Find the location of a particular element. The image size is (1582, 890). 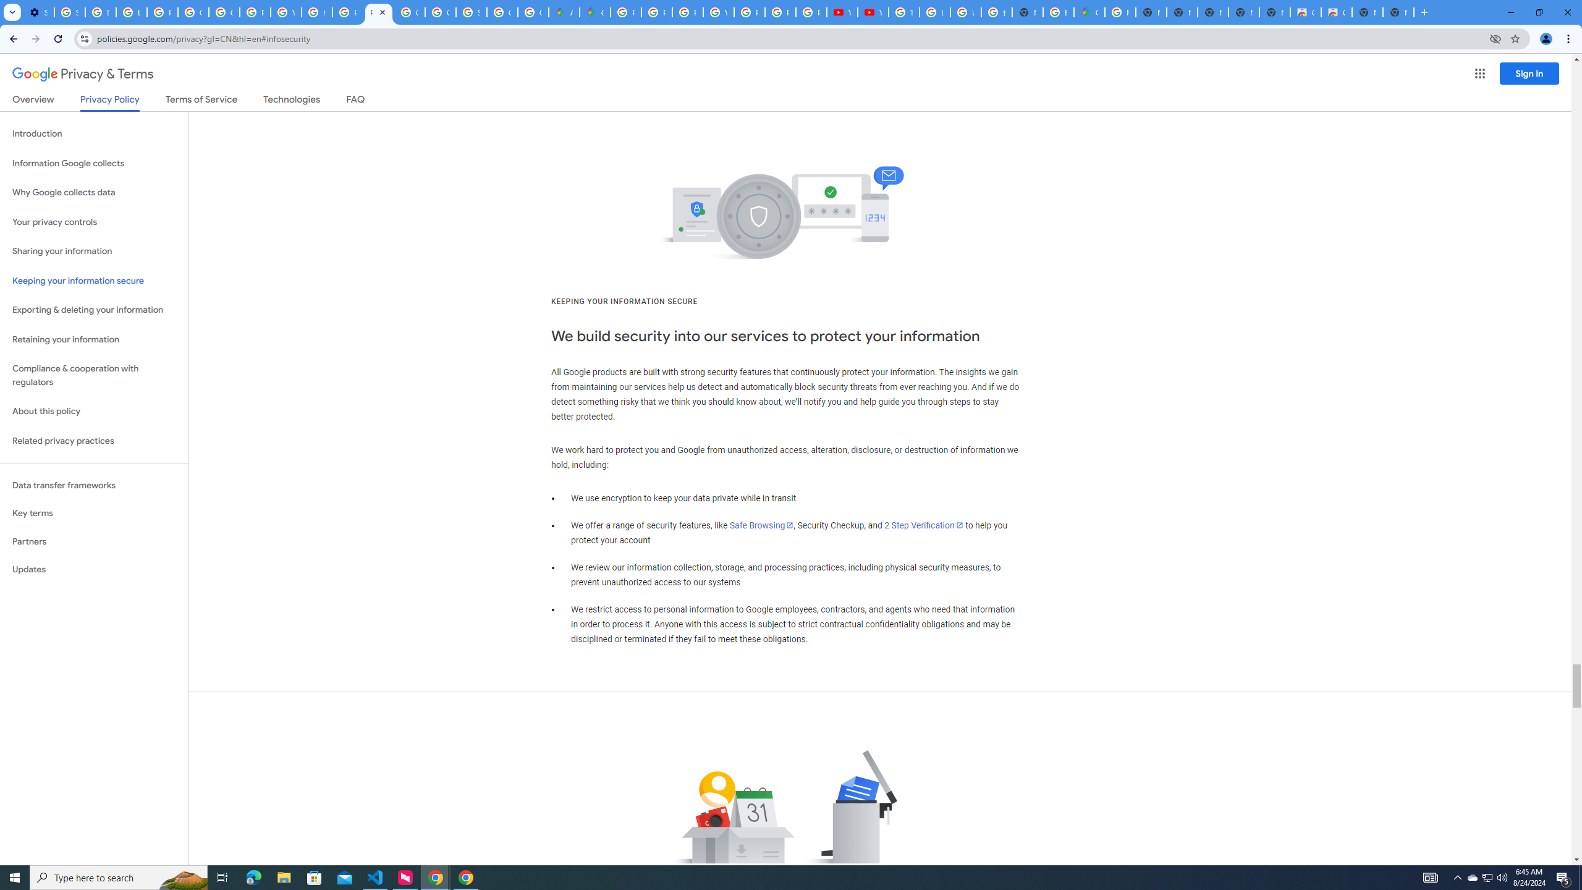

'Exporting & deleting your information' is located at coordinates (93, 310).